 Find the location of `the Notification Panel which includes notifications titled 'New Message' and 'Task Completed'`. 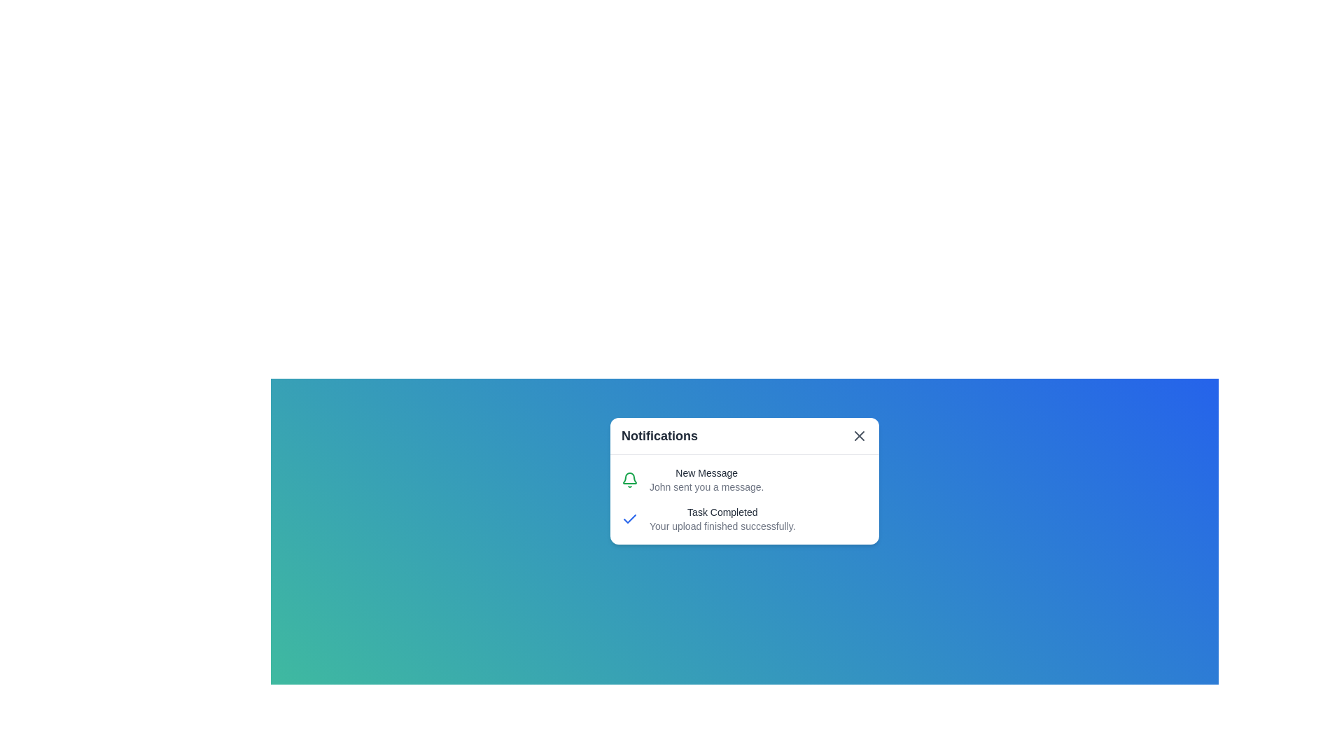

the Notification Panel which includes notifications titled 'New Message' and 'Task Completed' is located at coordinates (744, 498).